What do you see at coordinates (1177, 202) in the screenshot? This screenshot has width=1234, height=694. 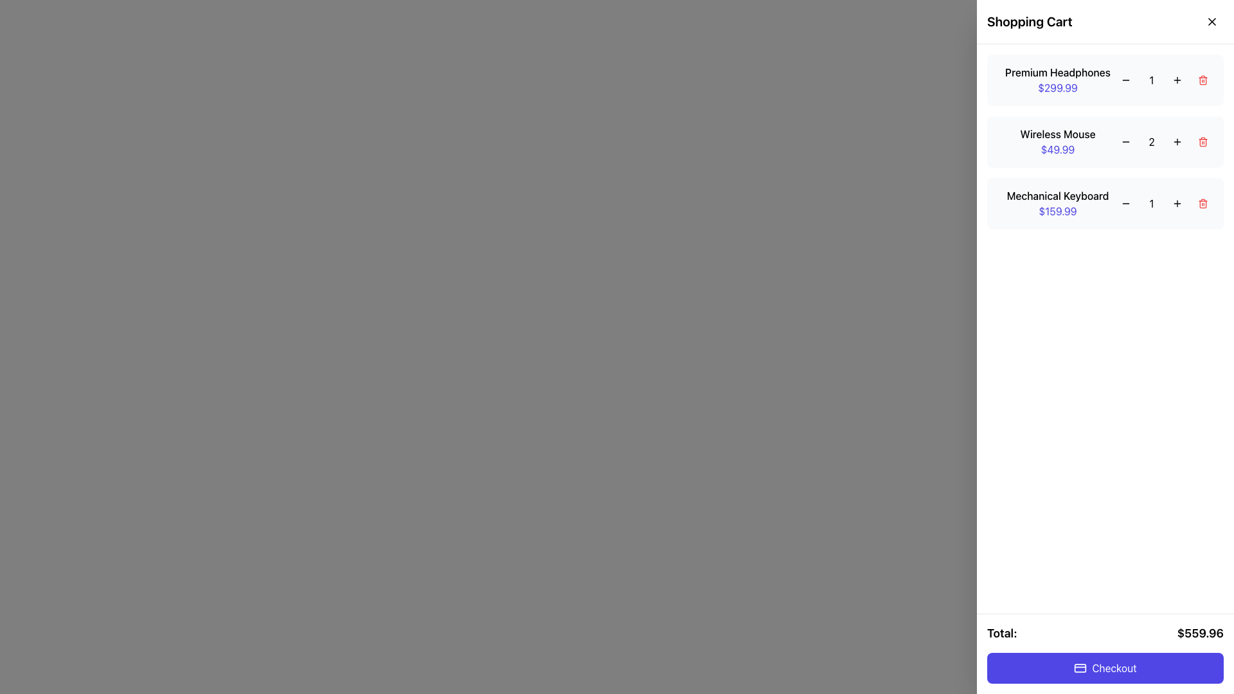 I see `the circular button with a plus symbol to increment the quantity of the 'Mechanical Keyboard' in the shopping cart` at bounding box center [1177, 202].